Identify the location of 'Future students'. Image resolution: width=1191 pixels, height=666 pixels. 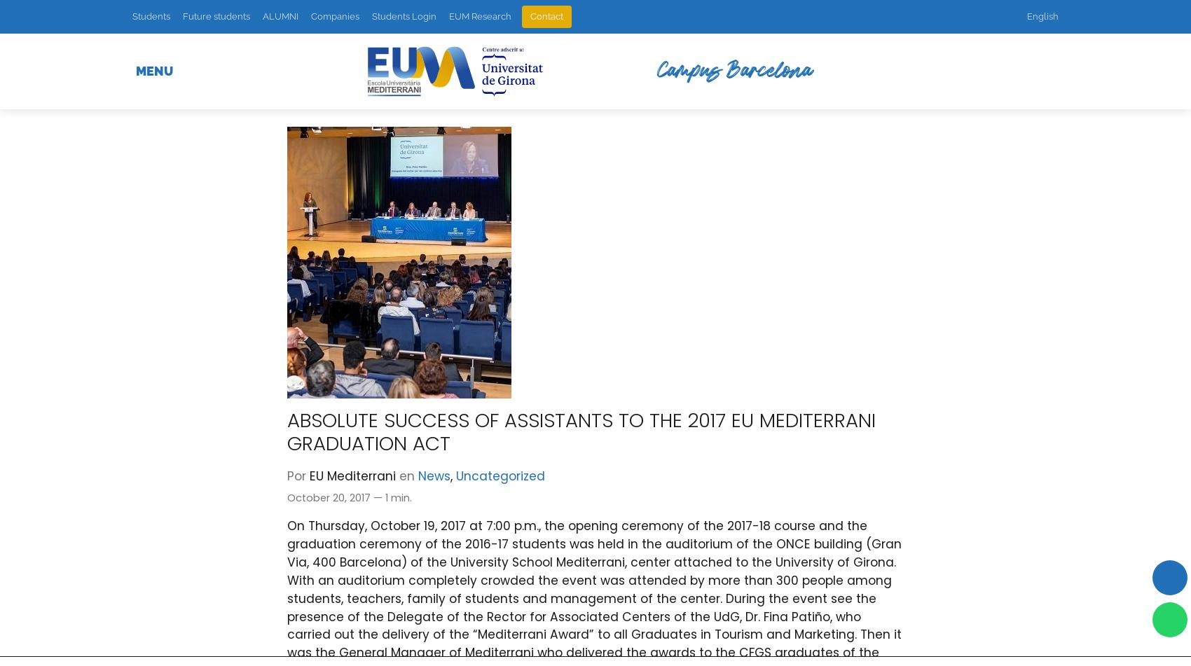
(216, 16).